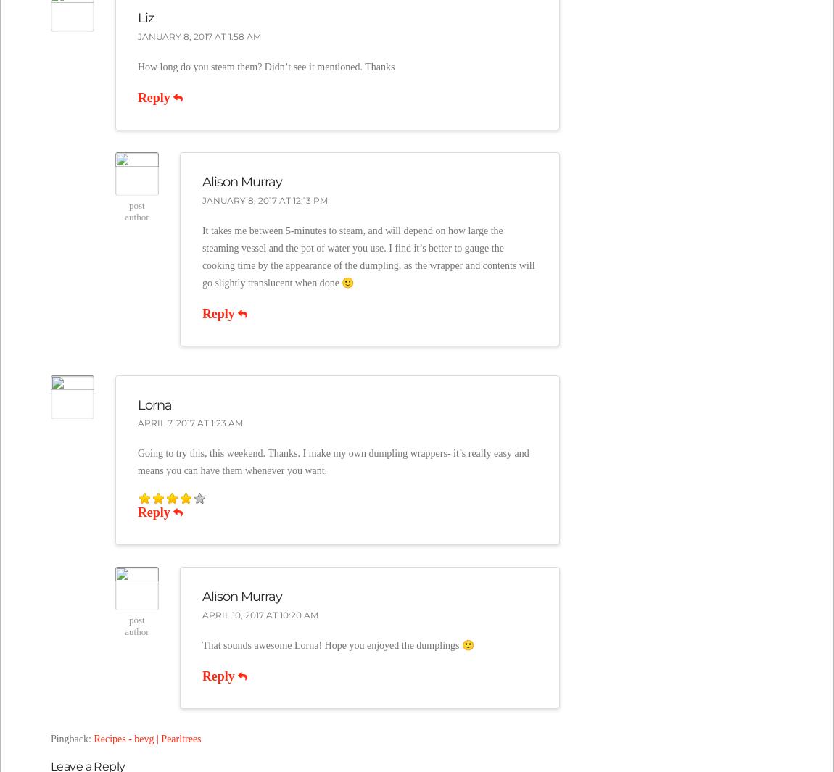 This screenshot has width=834, height=772. Describe the element at coordinates (264, 199) in the screenshot. I see `'January 8, 2017 at 12:13 pm'` at that location.